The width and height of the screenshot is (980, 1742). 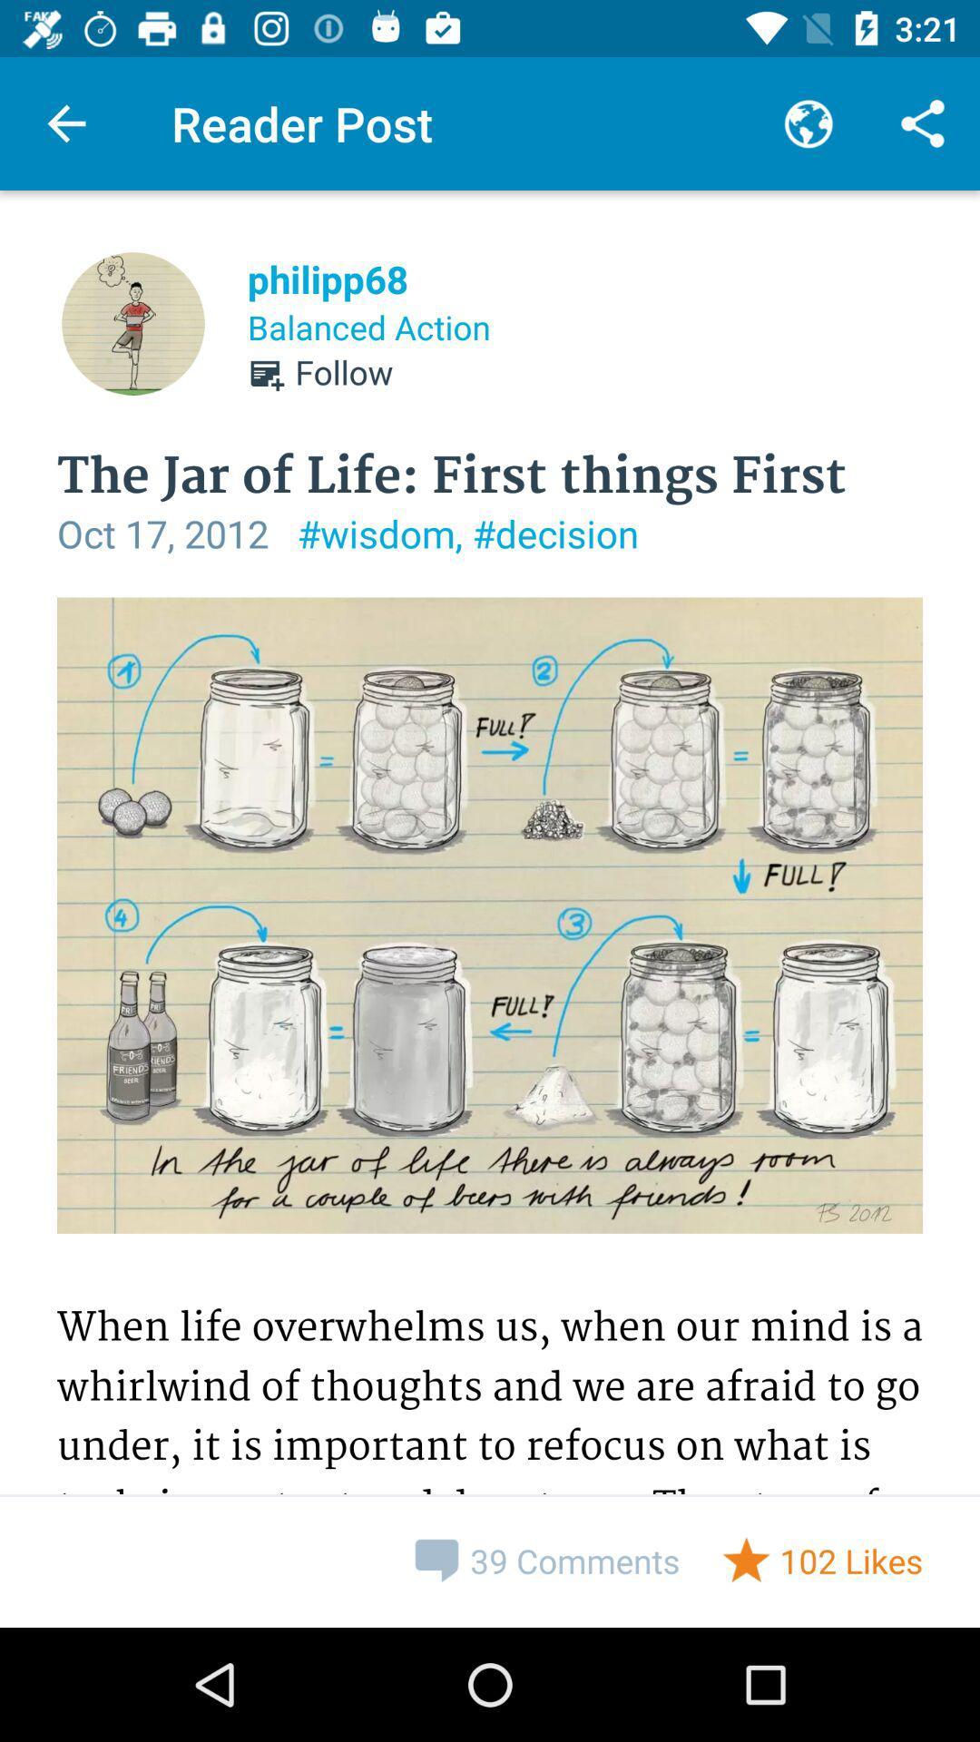 I want to click on open profile, so click(x=132, y=323).